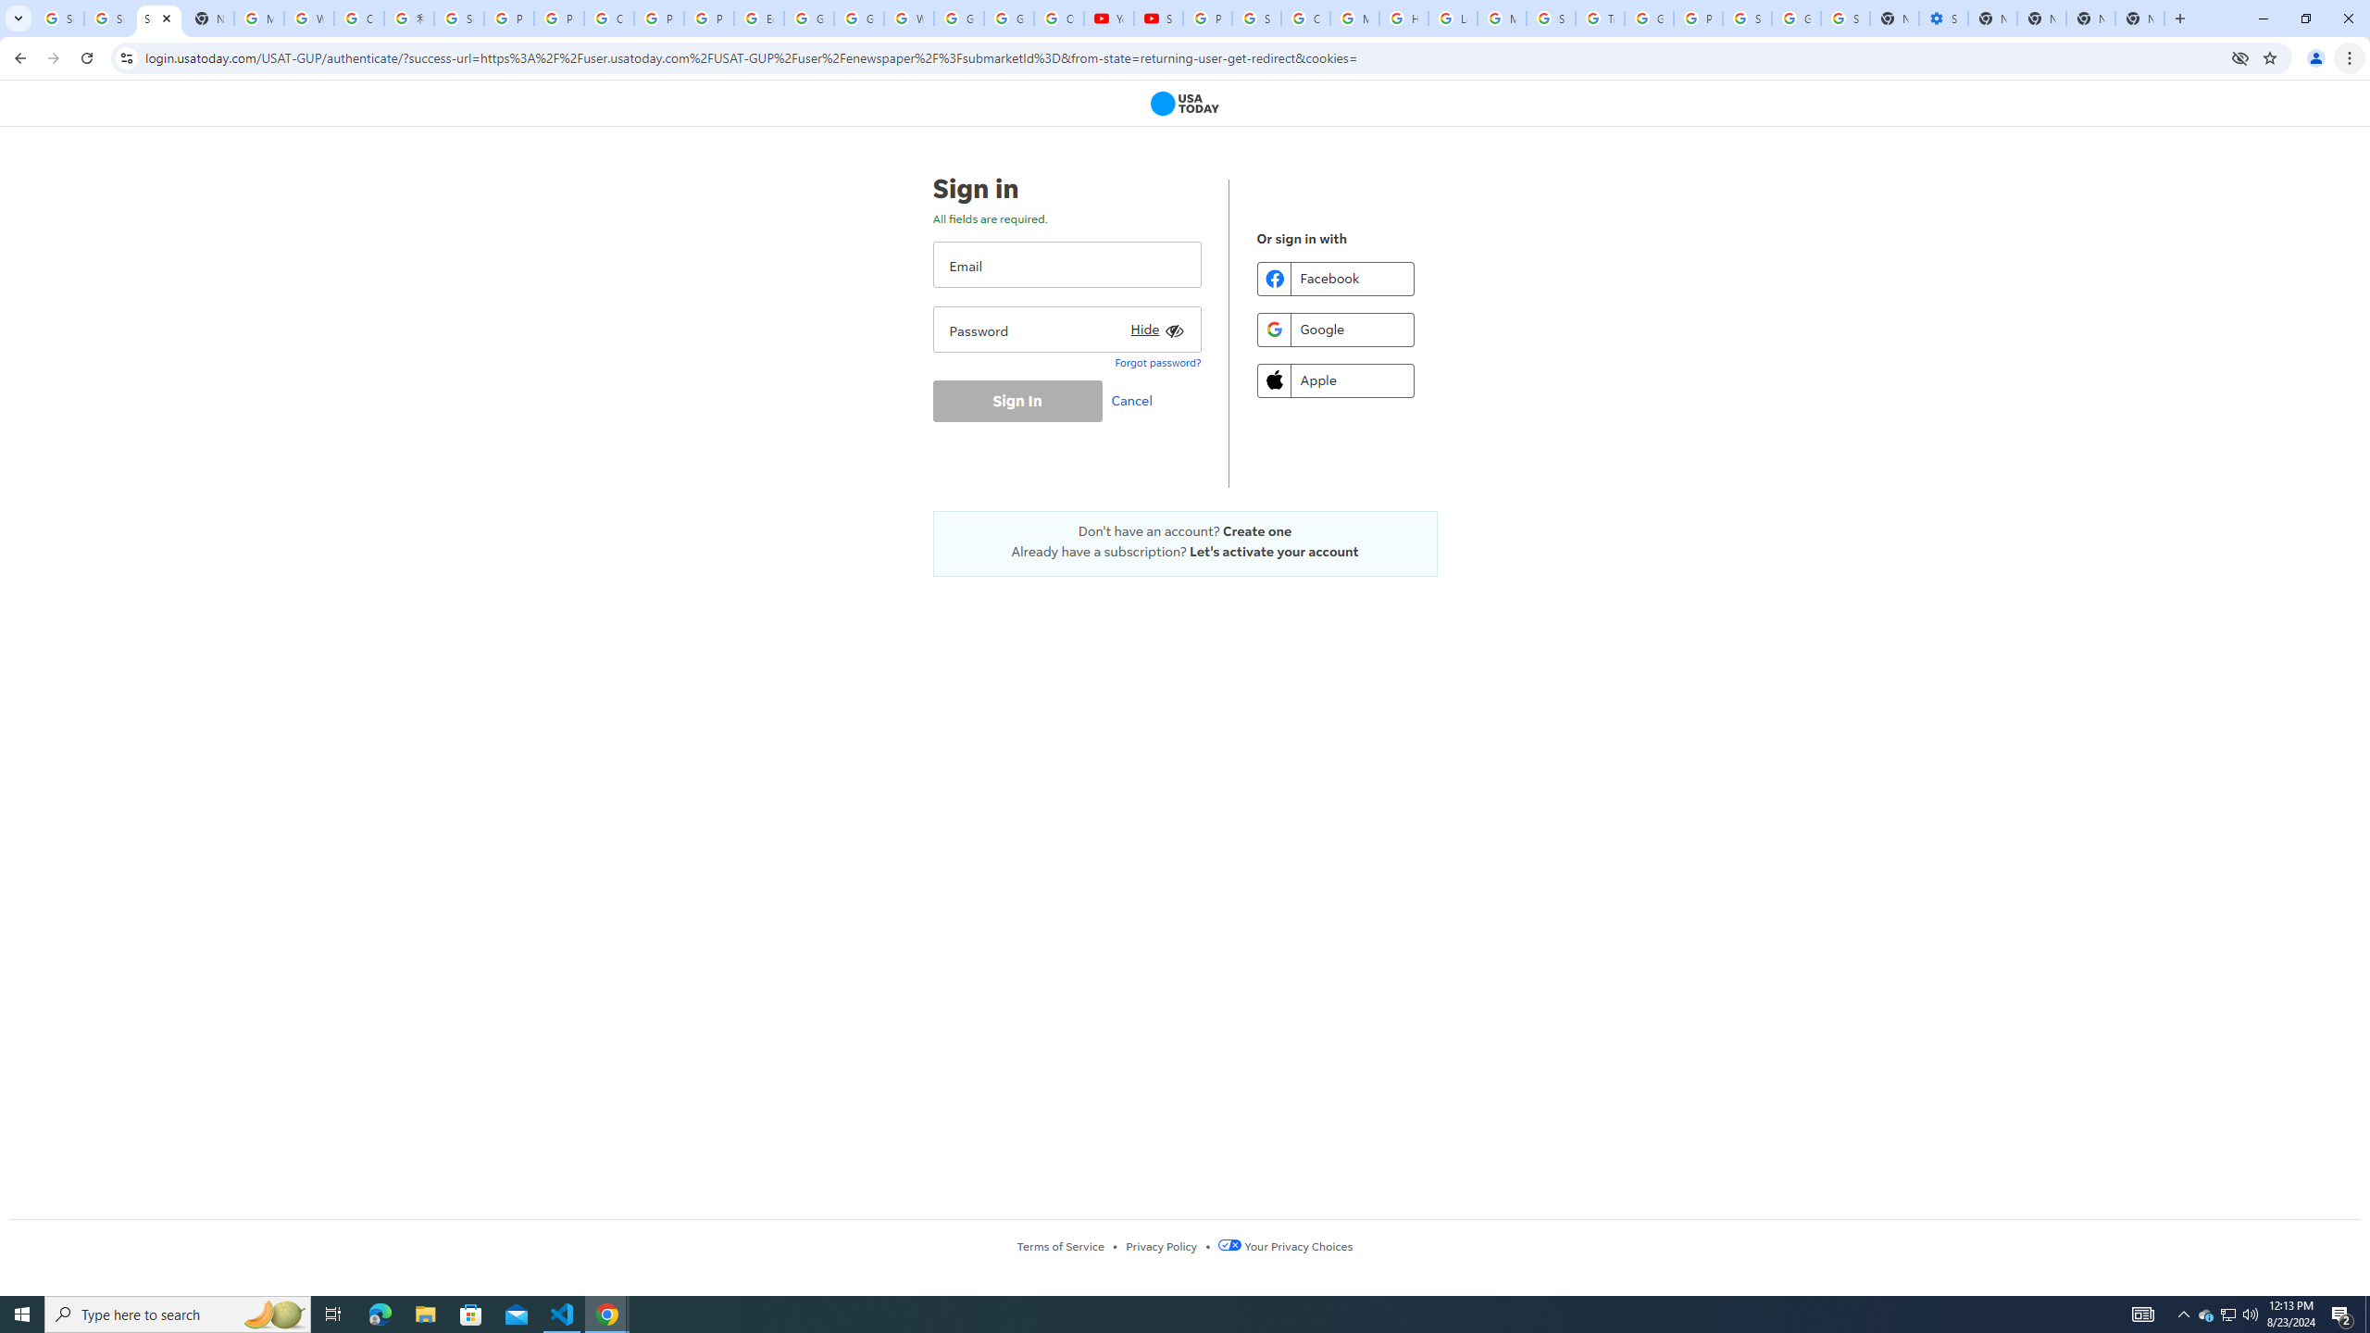  Describe the element at coordinates (1845, 18) in the screenshot. I see `'Sign in - Google Accounts'` at that location.